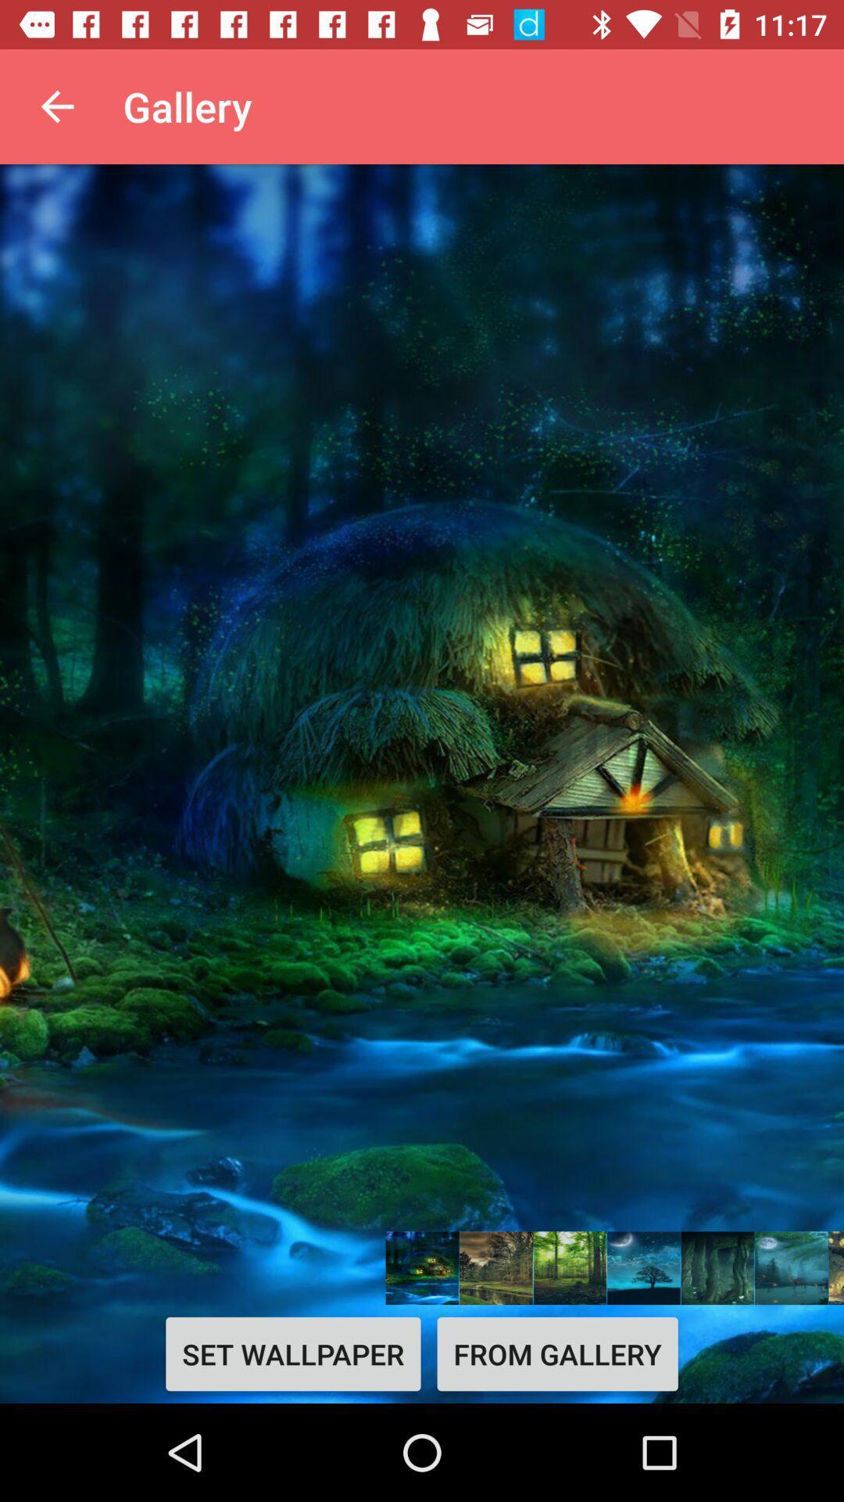  What do you see at coordinates (56, 106) in the screenshot?
I see `the item to the left of gallery app` at bounding box center [56, 106].